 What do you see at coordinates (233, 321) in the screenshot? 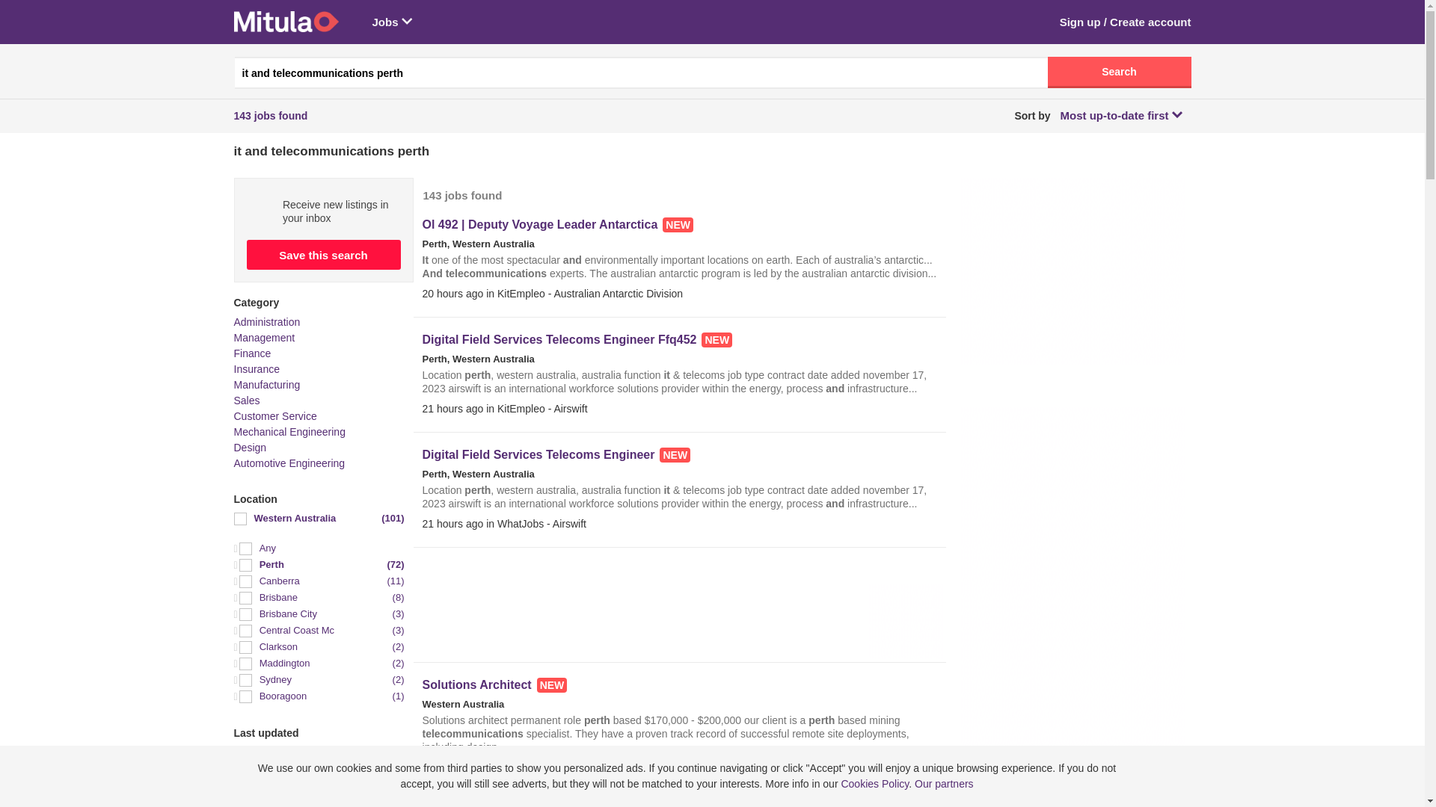
I see `'Administration'` at bounding box center [233, 321].